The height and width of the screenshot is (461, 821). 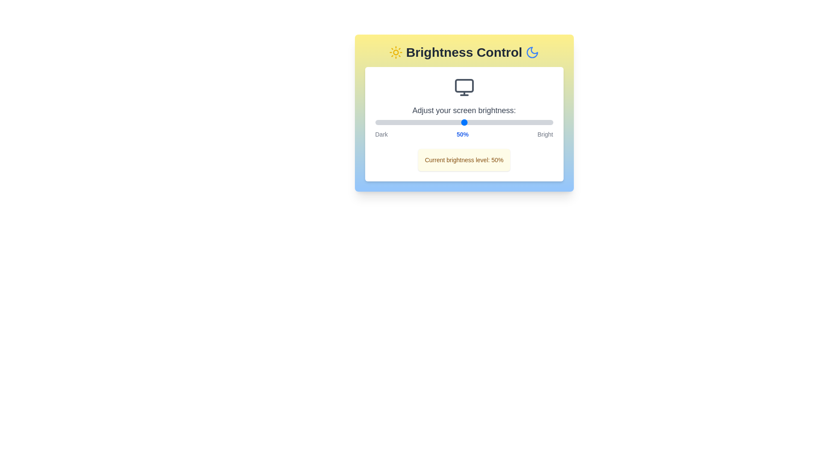 I want to click on the brightness to 16% by interacting with the slider, so click(x=403, y=122).